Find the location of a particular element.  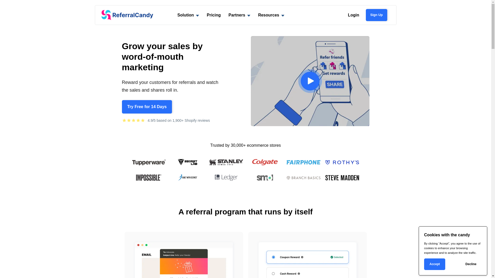

'Try Free for 14 Days' is located at coordinates (146, 107).